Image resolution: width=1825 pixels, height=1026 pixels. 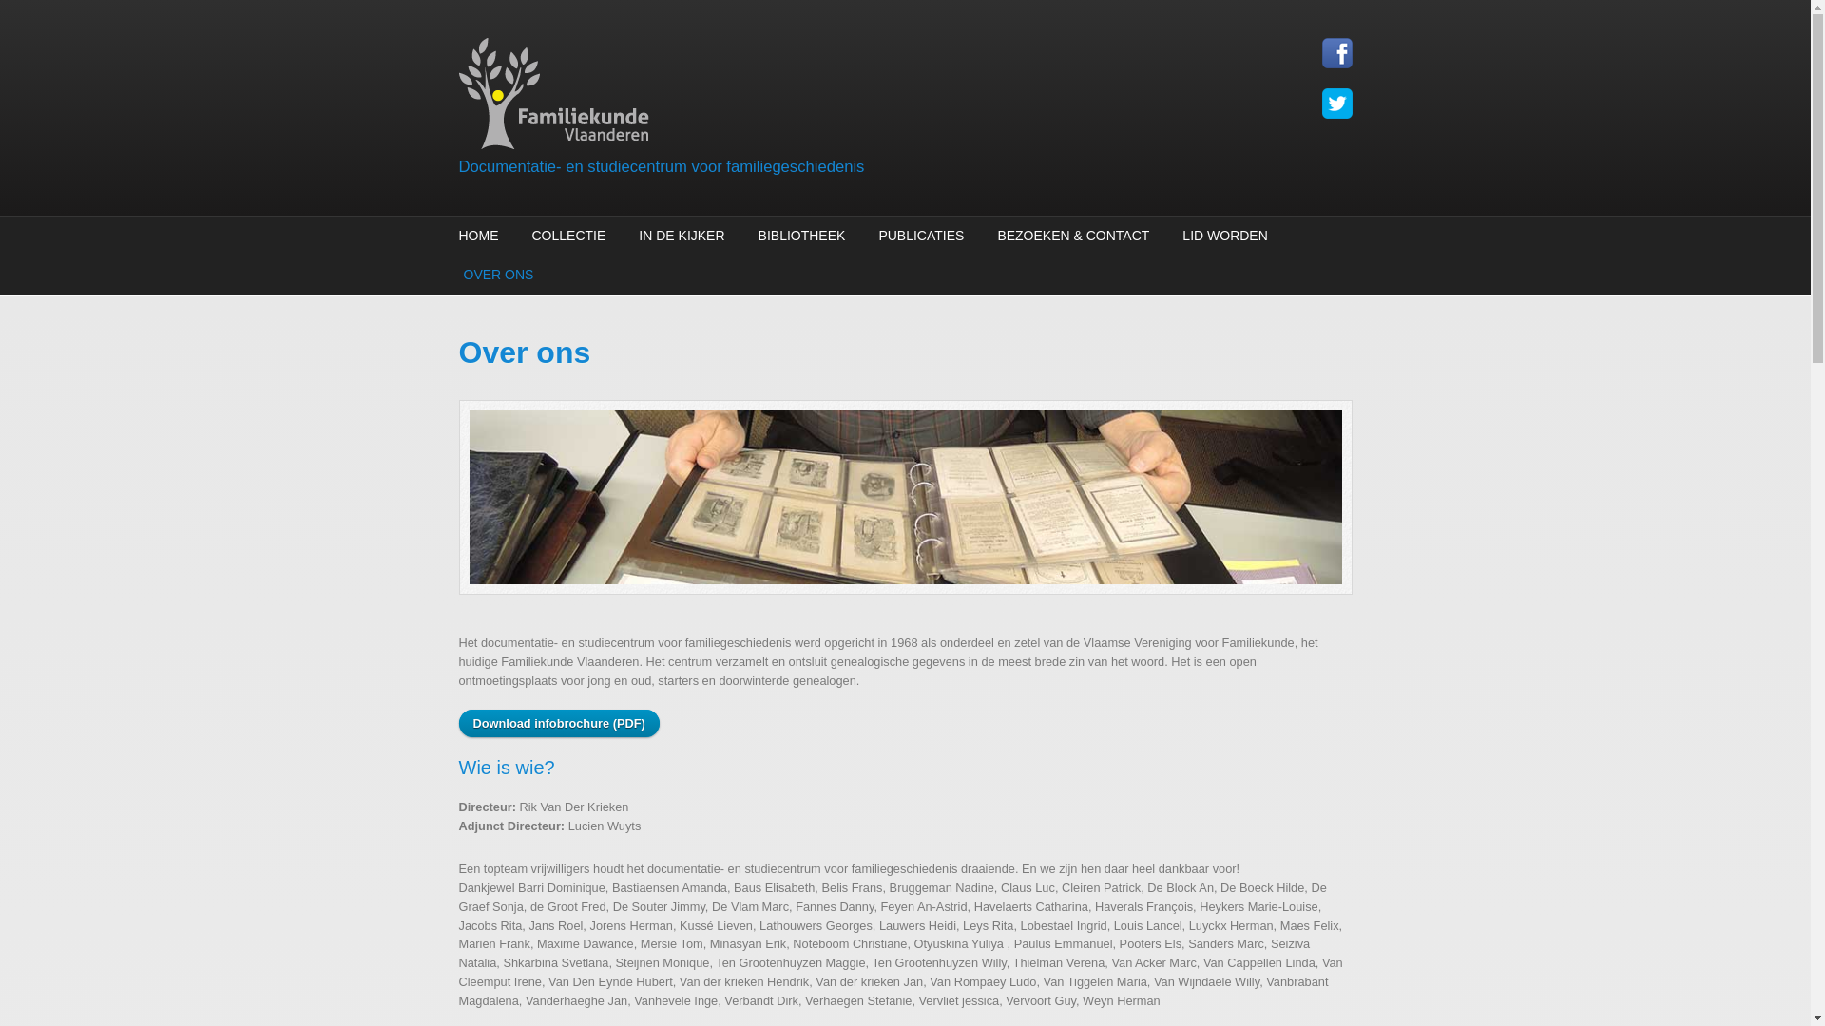 What do you see at coordinates (921, 235) in the screenshot?
I see `'PUBLICATIES'` at bounding box center [921, 235].